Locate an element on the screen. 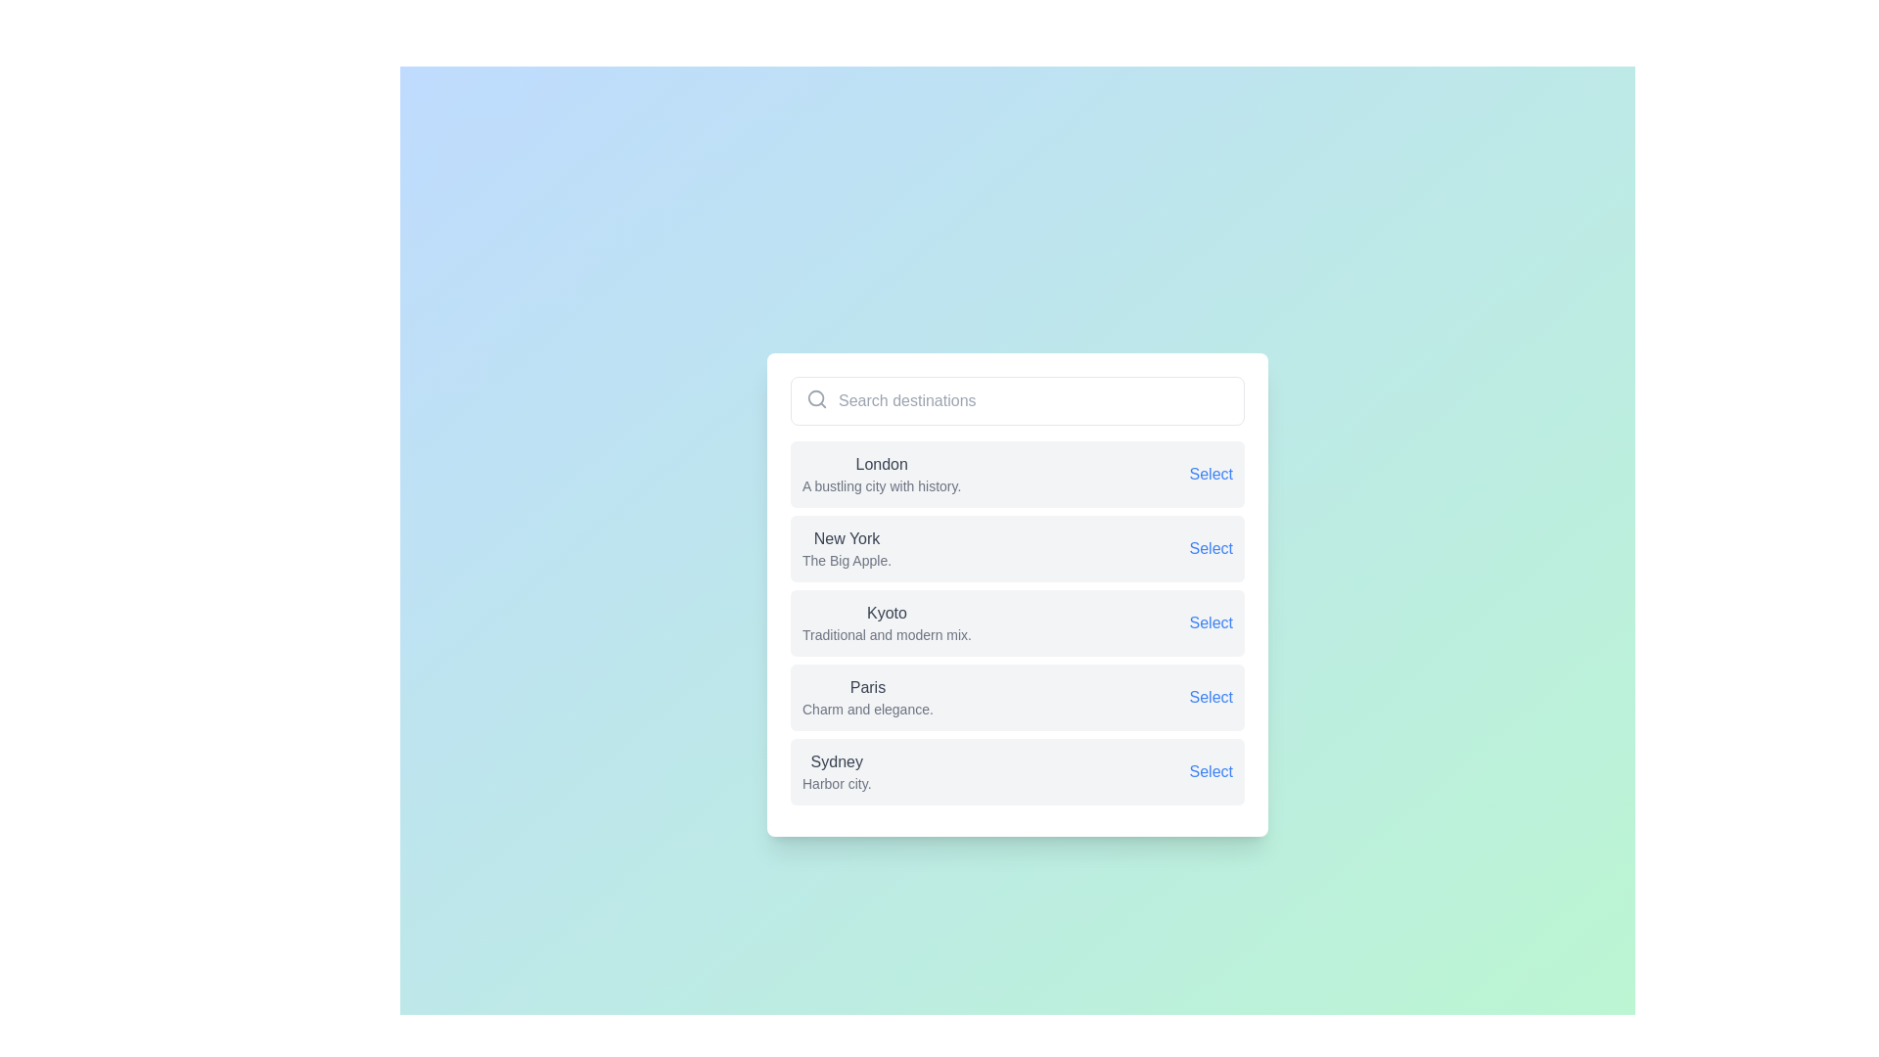  the text label displaying 'Kyoto' which is part of the third entry in a list, centered horizontally within the entry bounds is located at coordinates (886, 613).